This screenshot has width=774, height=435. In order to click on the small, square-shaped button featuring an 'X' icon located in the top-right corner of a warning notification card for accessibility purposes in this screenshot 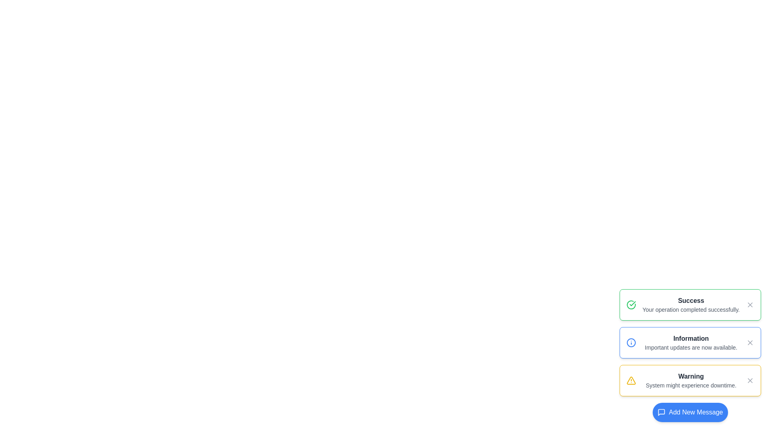, I will do `click(750, 381)`.